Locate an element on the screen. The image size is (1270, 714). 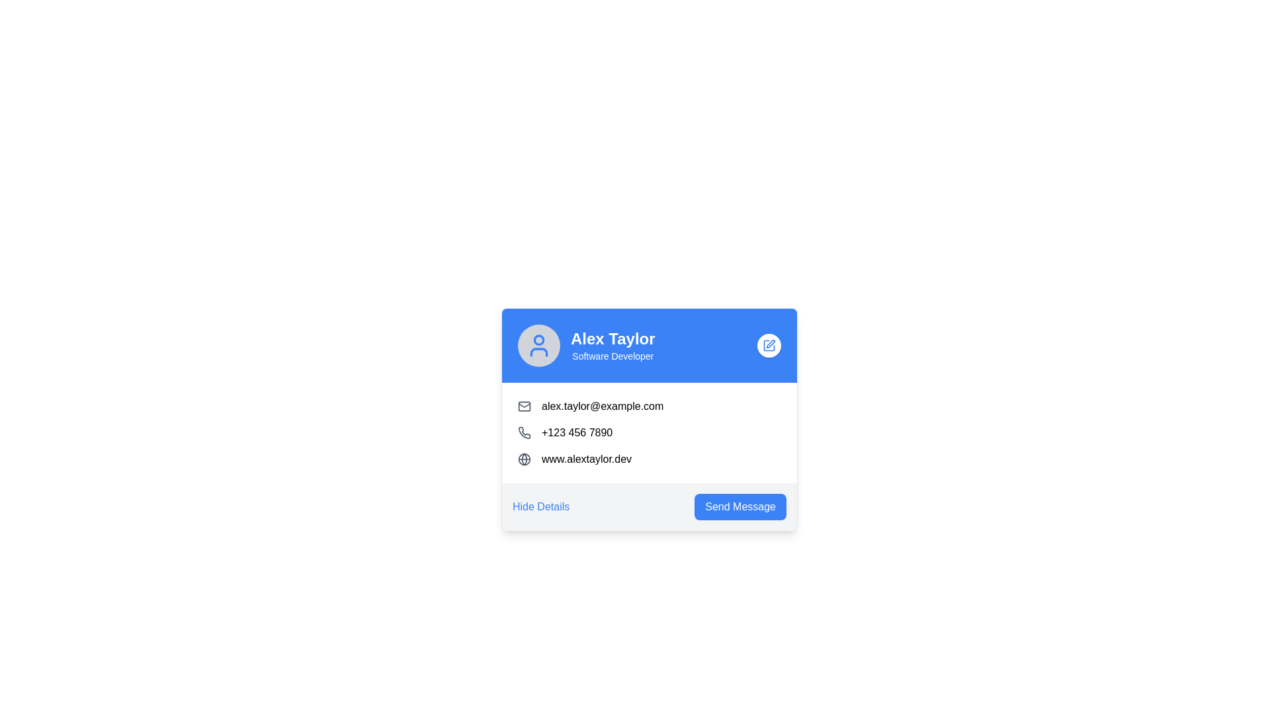
the user profile icon, which is a circular shape located at the top-left corner of the user information card is located at coordinates (539, 338).